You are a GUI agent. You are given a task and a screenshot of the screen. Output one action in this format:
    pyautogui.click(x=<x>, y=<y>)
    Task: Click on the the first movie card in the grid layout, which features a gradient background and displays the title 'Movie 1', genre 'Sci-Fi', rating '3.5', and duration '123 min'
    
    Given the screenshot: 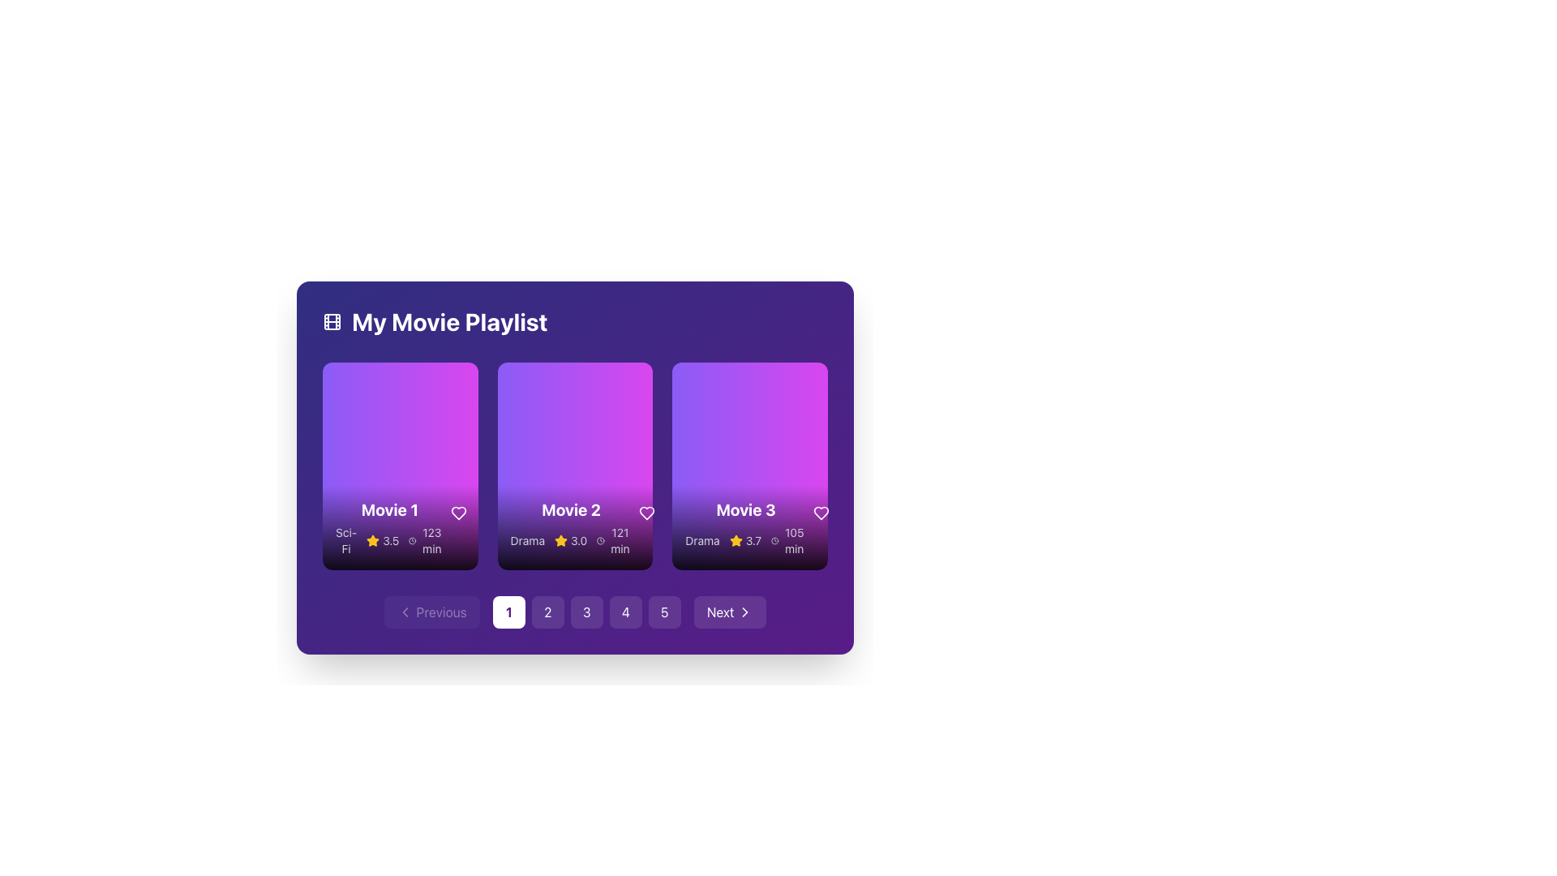 What is the action you would take?
    pyautogui.click(x=400, y=466)
    